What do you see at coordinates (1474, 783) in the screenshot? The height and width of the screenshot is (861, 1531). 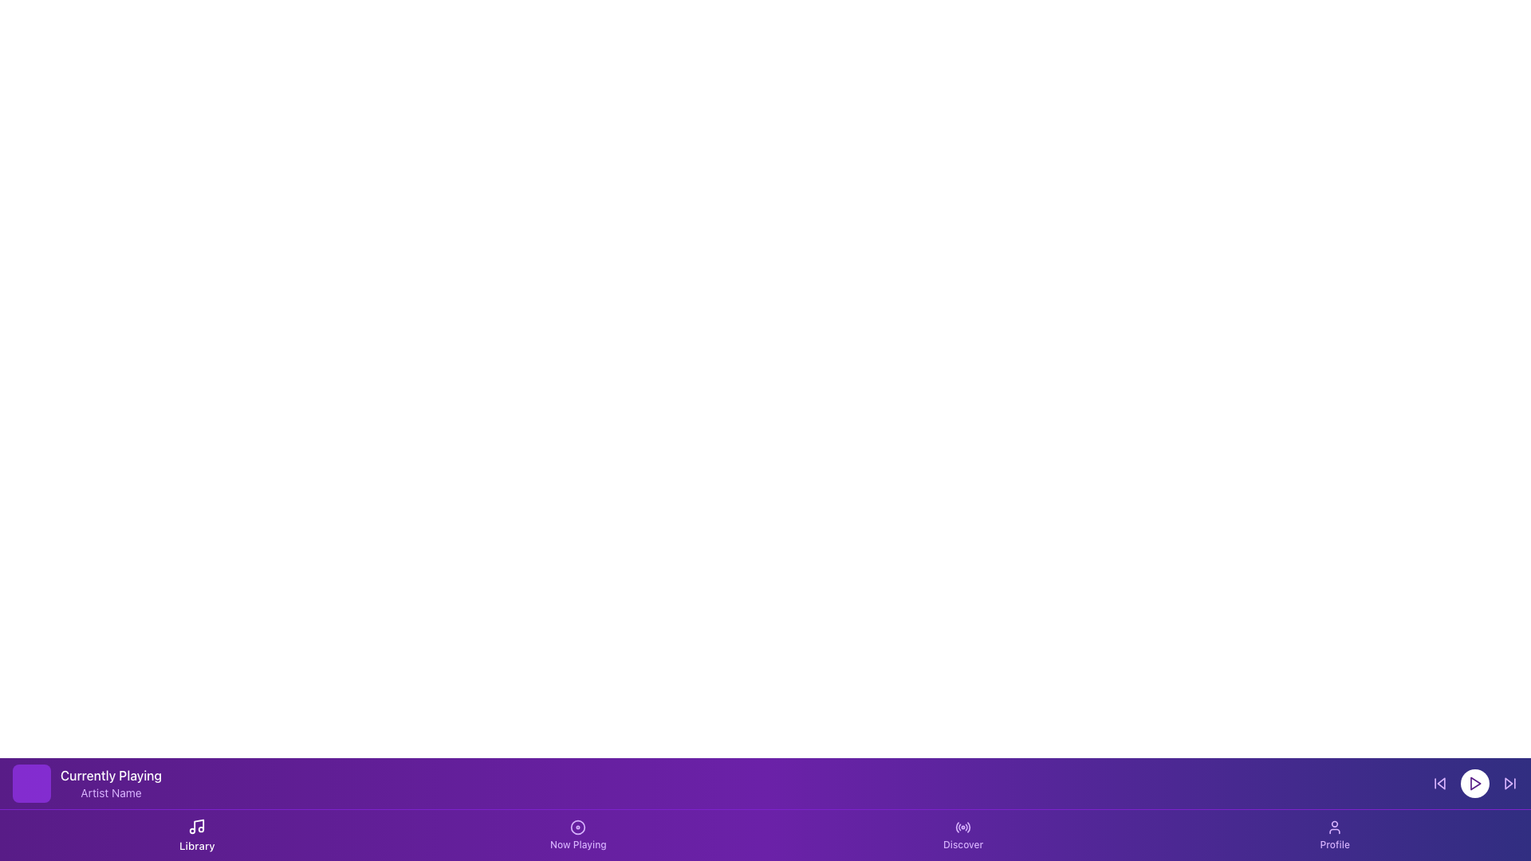 I see `the circular button with a white background and a purple play icon located in the bottom navigation bar, near the right edge, to play or resume media` at bounding box center [1474, 783].